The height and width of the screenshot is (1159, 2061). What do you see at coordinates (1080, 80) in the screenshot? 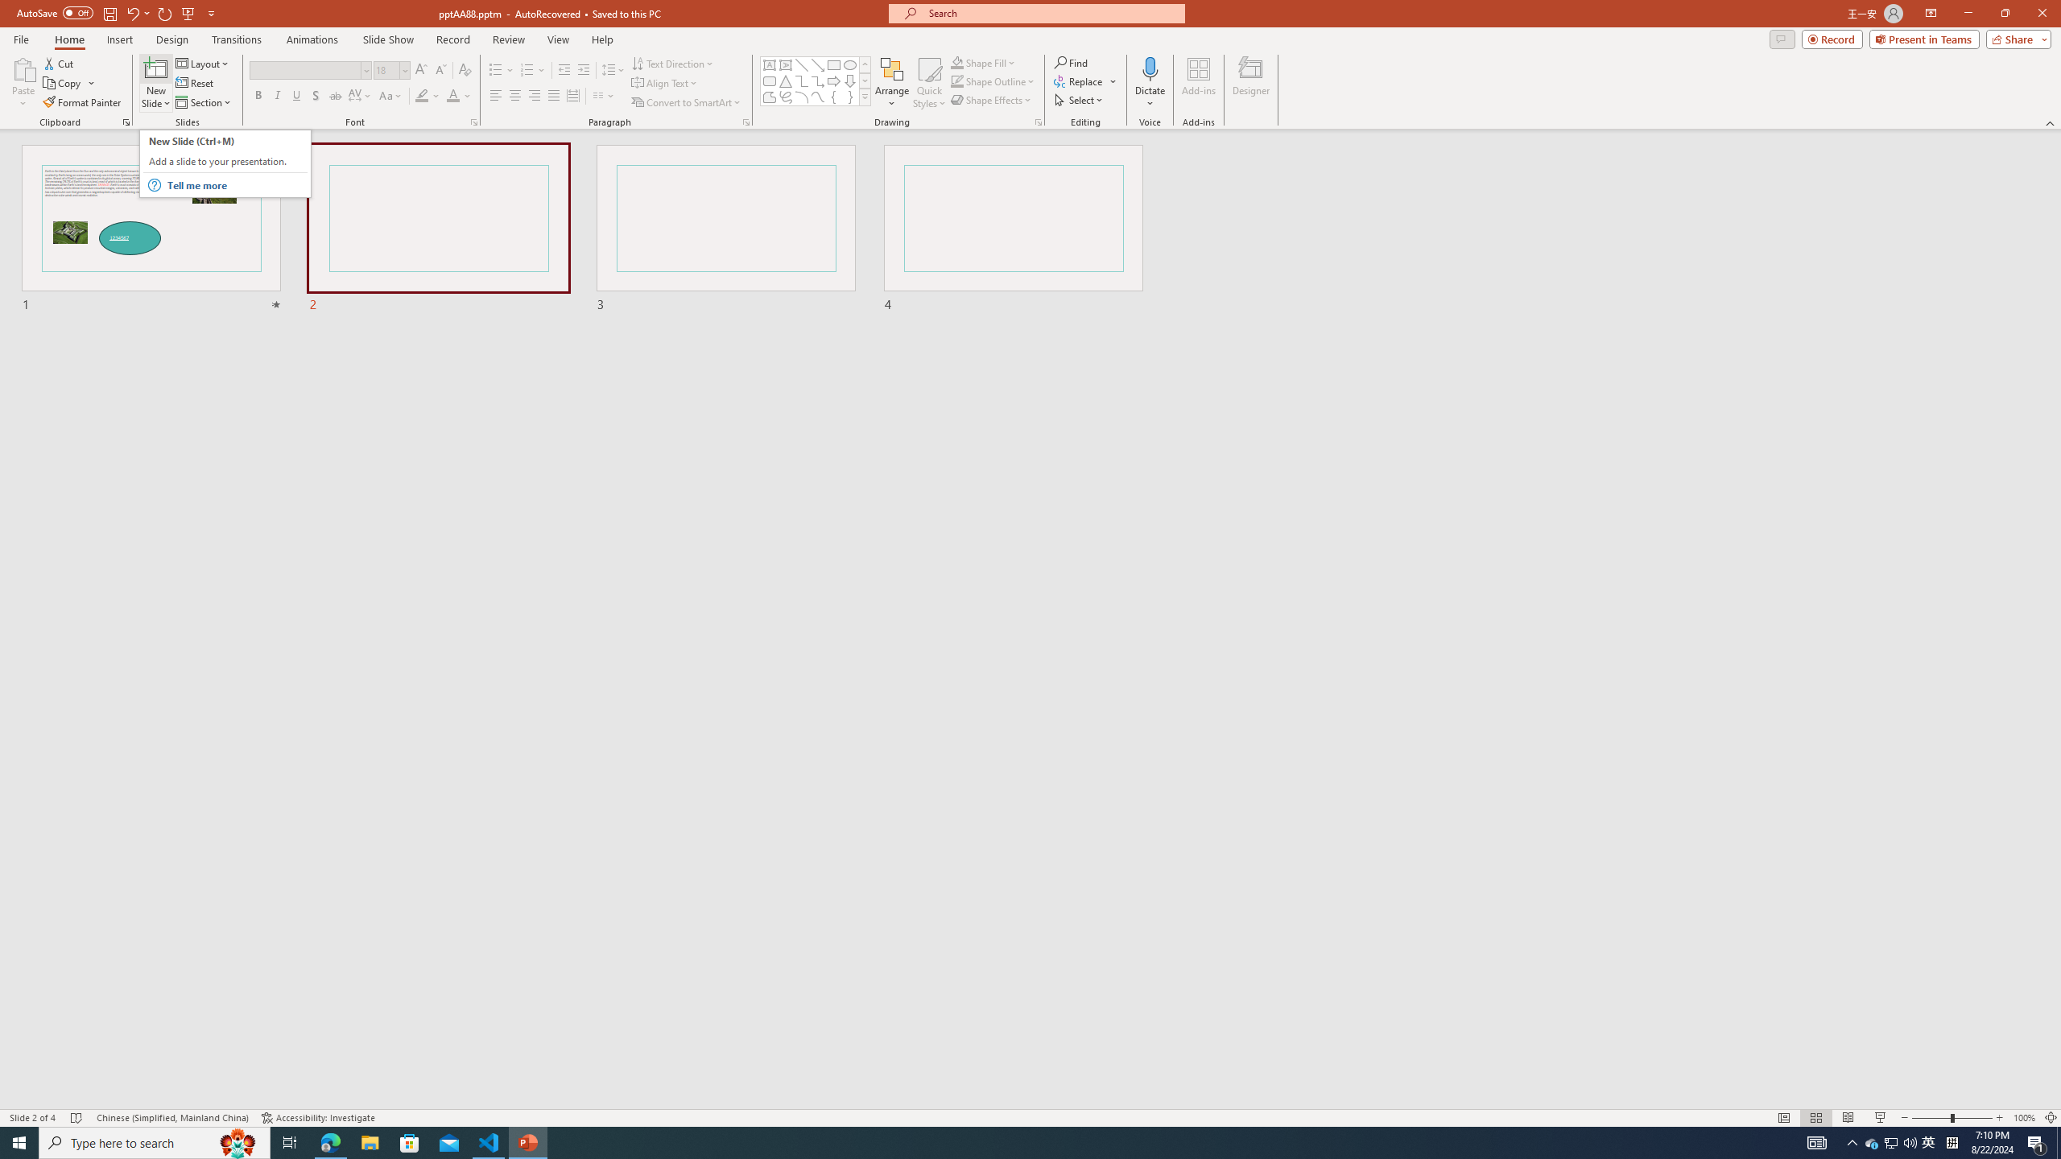
I see `'Replace...'` at bounding box center [1080, 80].